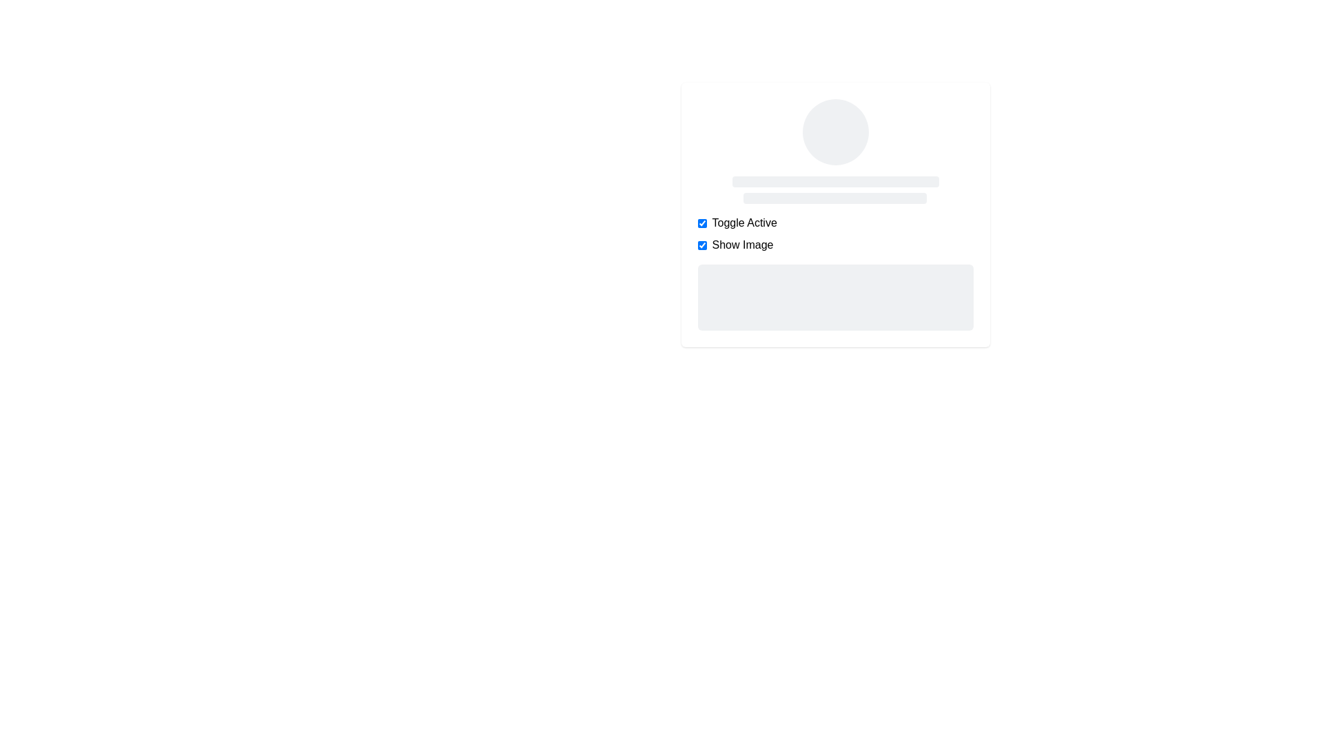 The image size is (1323, 744). Describe the element at coordinates (834, 180) in the screenshot. I see `the visual placeholder or skeleton loader, which is a rectangular element with a light gray background and rounded corners, located at the top of a vertically stacked group of elements` at that location.